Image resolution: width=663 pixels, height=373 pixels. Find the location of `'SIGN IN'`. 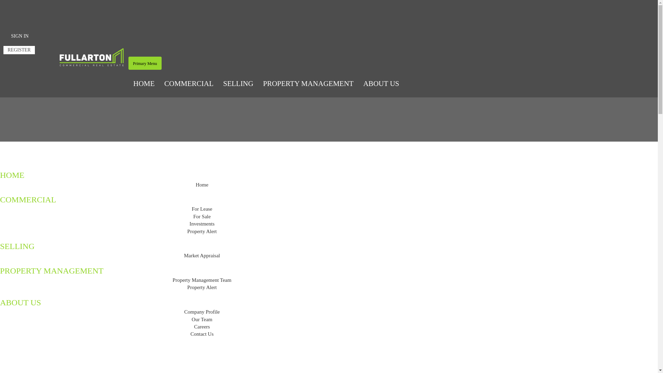

'SIGN IN' is located at coordinates (20, 36).